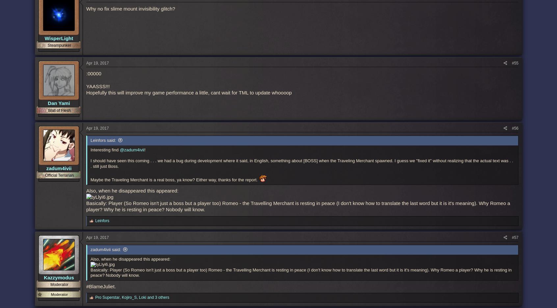 The image size is (557, 308). I want to click on 'Steampunker', so click(59, 45).